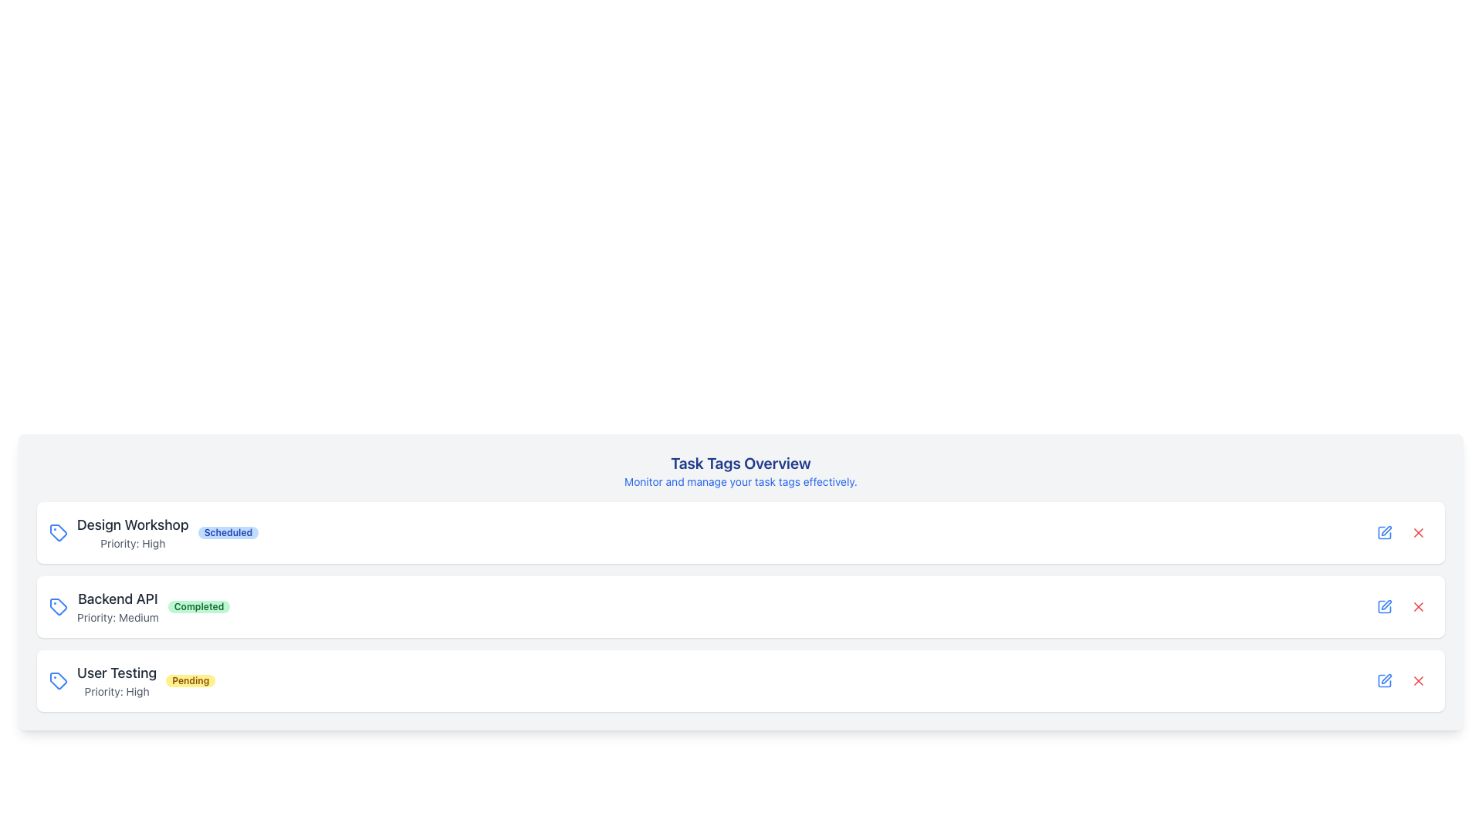 The height and width of the screenshot is (833, 1482). What do you see at coordinates (1419, 680) in the screenshot?
I see `the 'X' icon located to the right of the 'User Testing' row` at bounding box center [1419, 680].